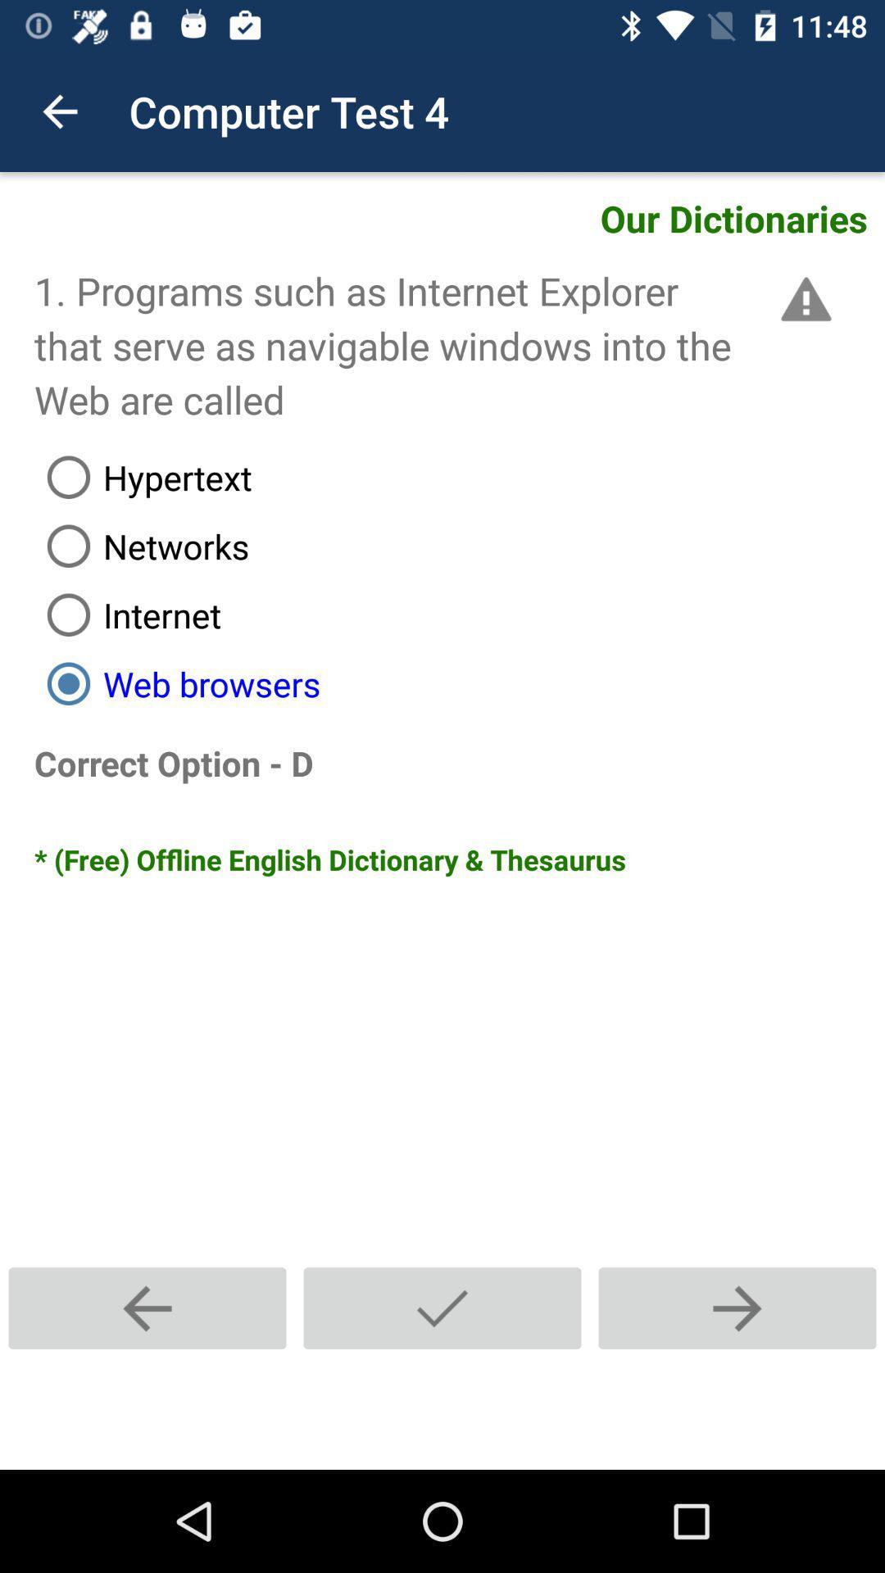  I want to click on next screen, so click(736, 1308).